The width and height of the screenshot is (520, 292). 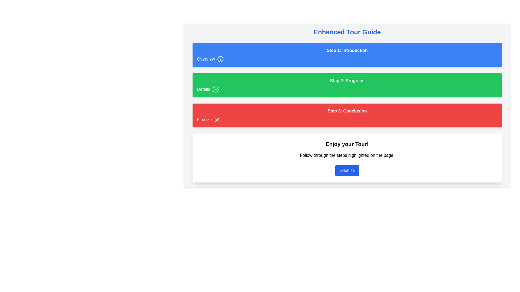 What do you see at coordinates (217, 120) in the screenshot?
I see `the small 'X' icon located at the right edge of the red 'Finalize' button, which indicates the action to finalize an operation` at bounding box center [217, 120].